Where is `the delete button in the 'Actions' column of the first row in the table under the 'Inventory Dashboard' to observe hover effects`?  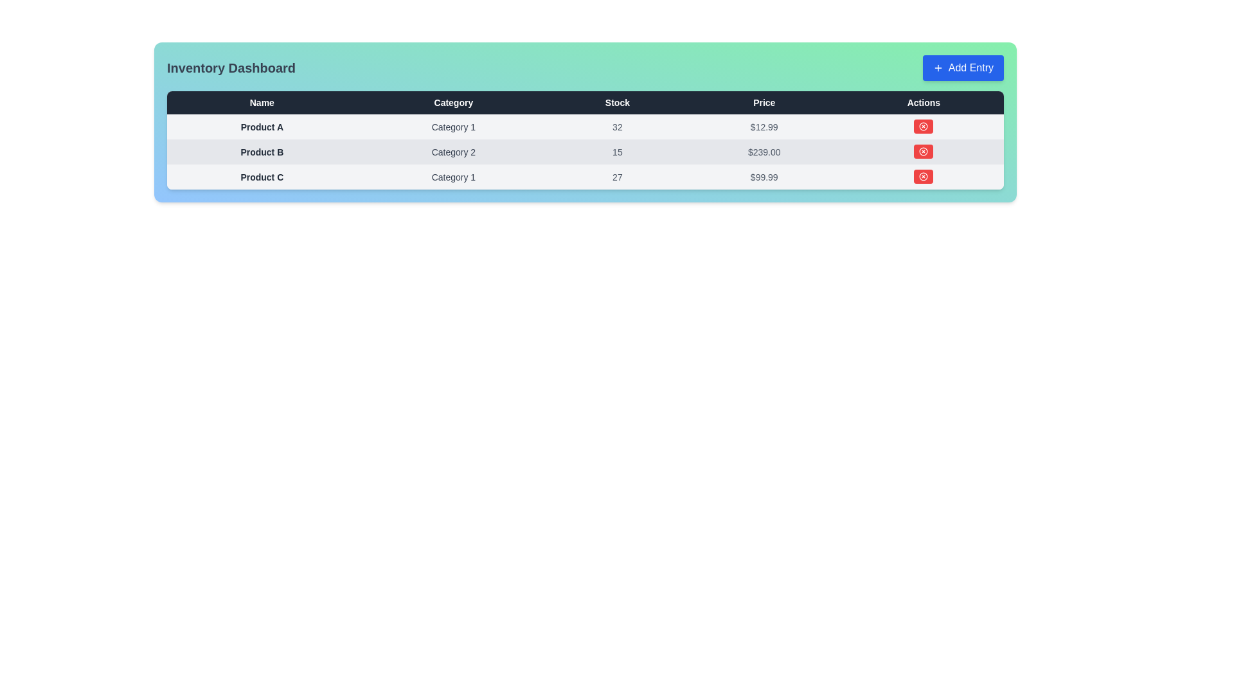 the delete button in the 'Actions' column of the first row in the table under the 'Inventory Dashboard' to observe hover effects is located at coordinates (923, 127).